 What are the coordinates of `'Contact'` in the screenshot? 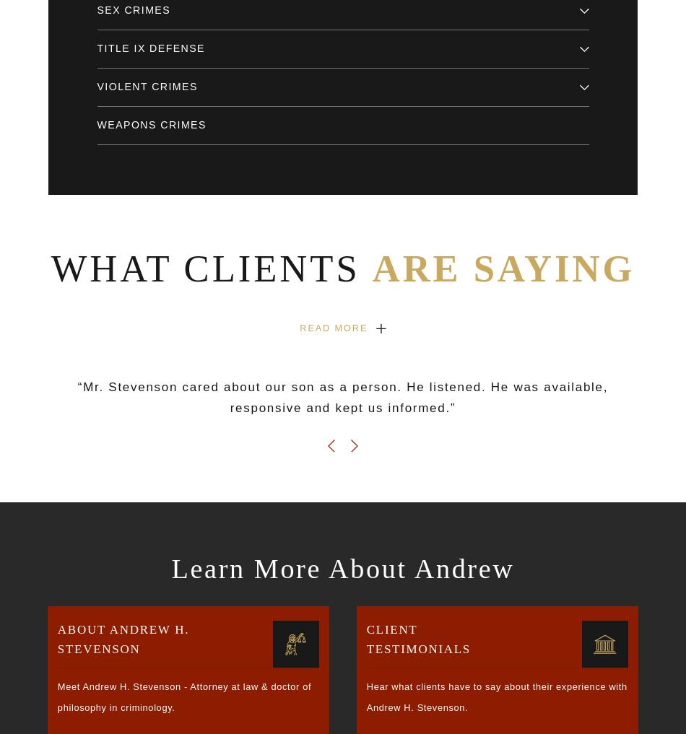 It's located at (48, 441).